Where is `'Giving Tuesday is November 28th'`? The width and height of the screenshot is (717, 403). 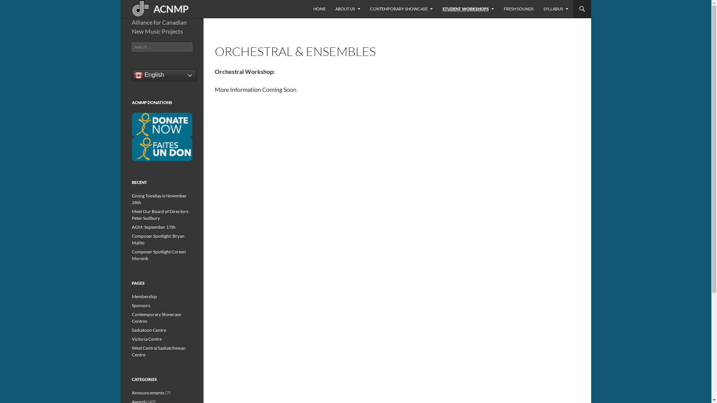 'Giving Tuesday is November 28th' is located at coordinates (158, 199).